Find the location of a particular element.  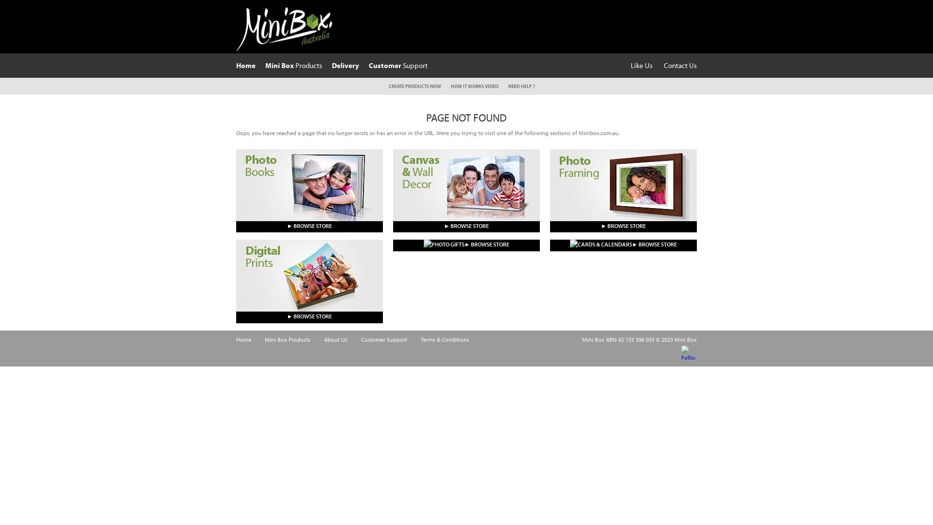

'Like Us' is located at coordinates (641, 65).